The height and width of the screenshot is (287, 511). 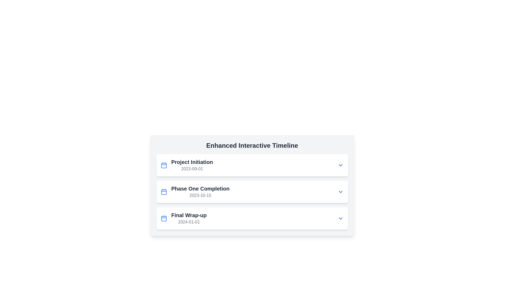 I want to click on the Calendar Icon with a blue outline, located next to the text 'Phase One Completion' in the second row of the list, so click(x=163, y=192).